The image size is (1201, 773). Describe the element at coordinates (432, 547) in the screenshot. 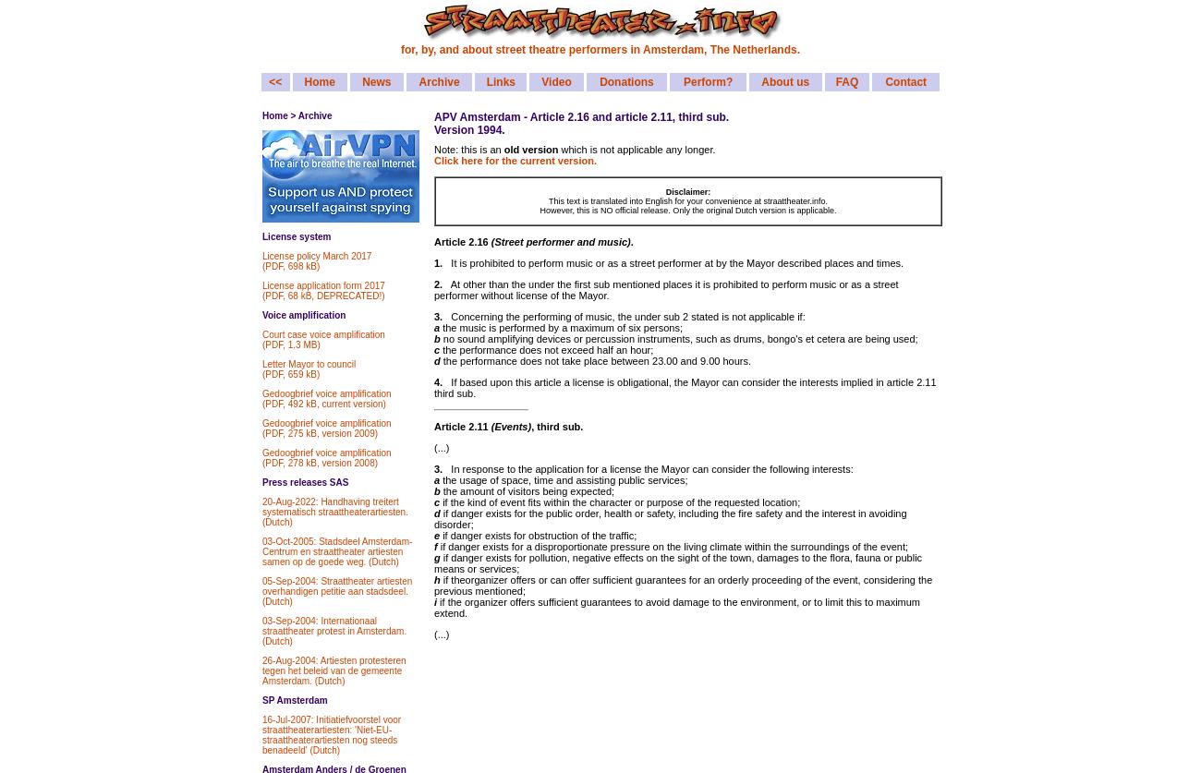

I see `'f'` at that location.